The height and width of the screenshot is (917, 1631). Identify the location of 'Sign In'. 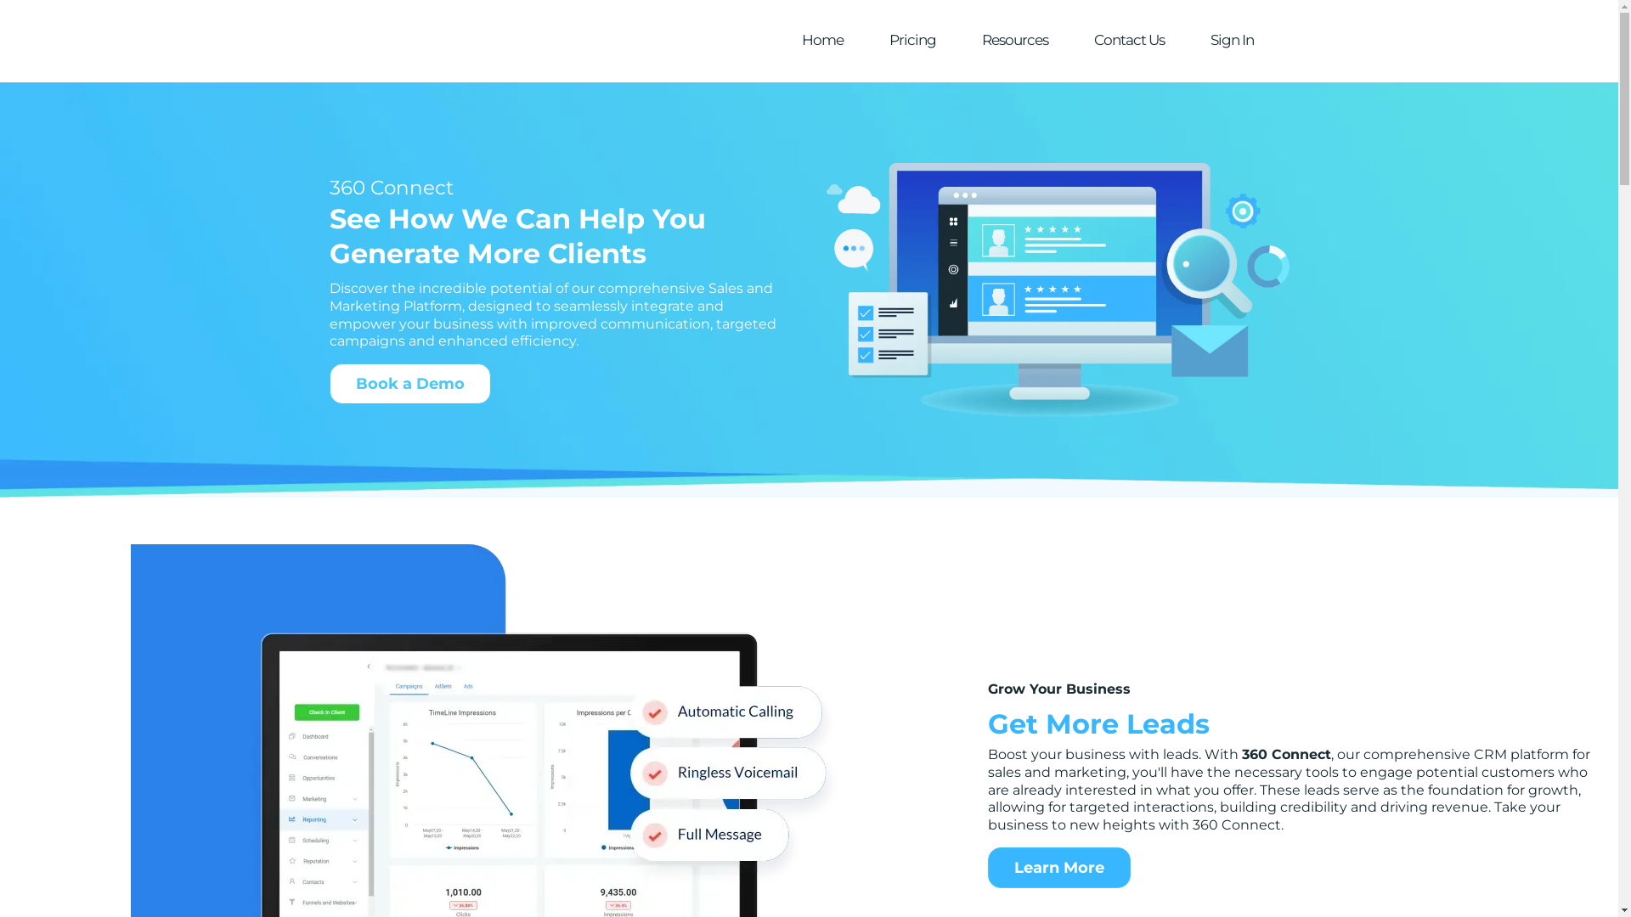
(1232, 39).